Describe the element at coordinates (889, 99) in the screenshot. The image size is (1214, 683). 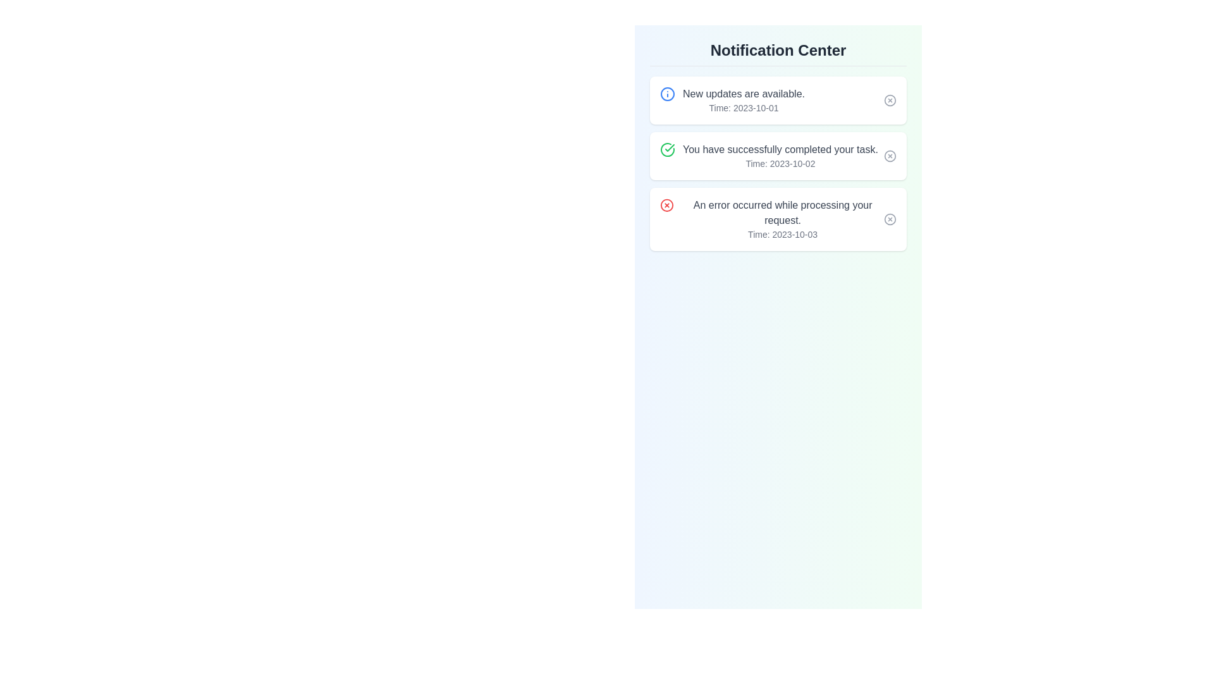
I see `the decorative circle element of the SVG icon for the notification regarding 'New updates are available.'` at that location.